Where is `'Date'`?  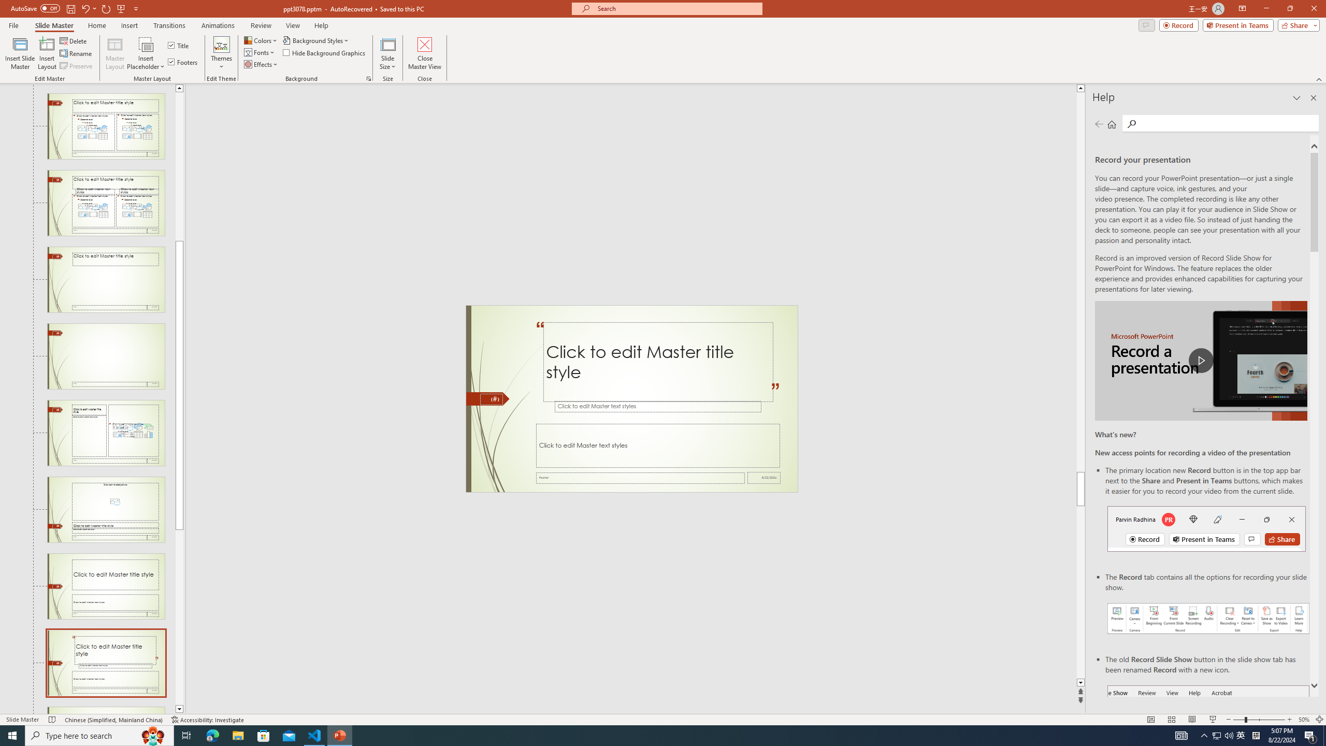 'Date' is located at coordinates (764, 478).